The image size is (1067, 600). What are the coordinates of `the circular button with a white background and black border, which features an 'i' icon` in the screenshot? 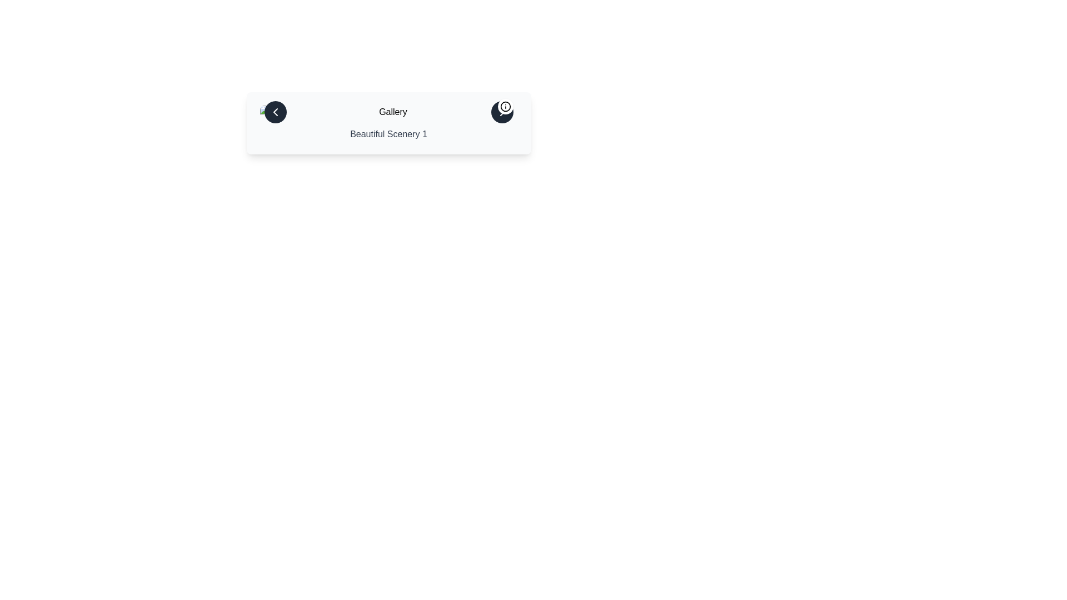 It's located at (505, 107).